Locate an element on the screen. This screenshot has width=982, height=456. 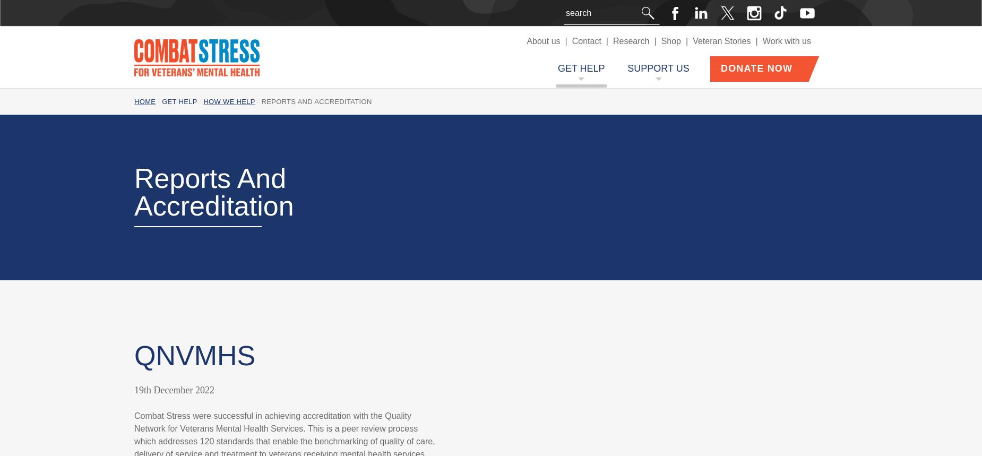
'Get help' is located at coordinates (161, 101).